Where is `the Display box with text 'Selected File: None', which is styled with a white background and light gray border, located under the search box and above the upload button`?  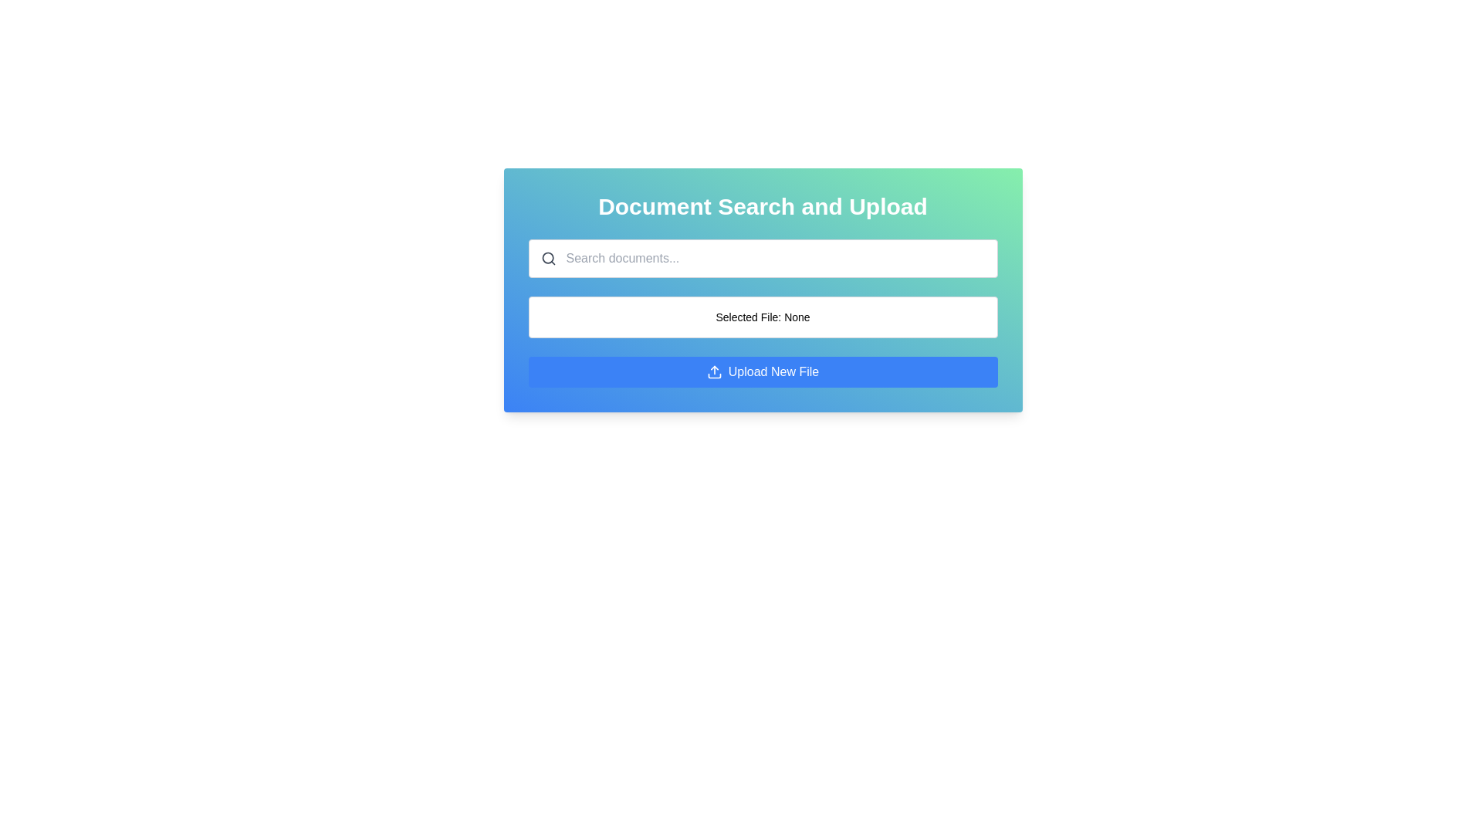
the Display box with text 'Selected File: None', which is styled with a white background and light gray border, located under the search box and above the upload button is located at coordinates (763, 317).